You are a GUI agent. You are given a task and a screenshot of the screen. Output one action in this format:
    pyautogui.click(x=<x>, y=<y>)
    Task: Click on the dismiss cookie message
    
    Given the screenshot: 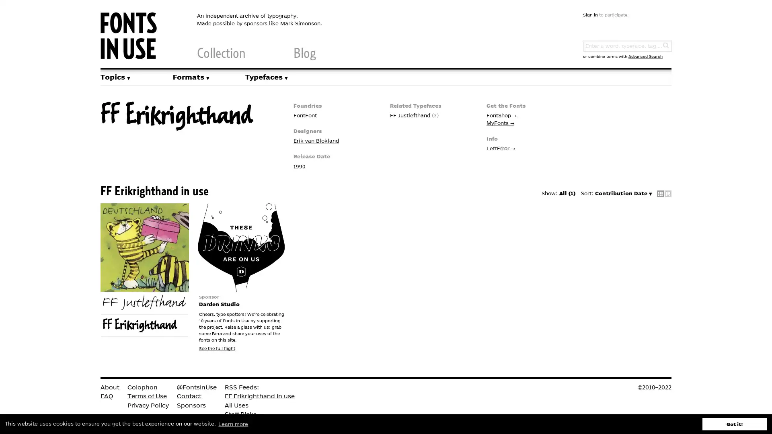 What is the action you would take?
    pyautogui.click(x=735, y=424)
    